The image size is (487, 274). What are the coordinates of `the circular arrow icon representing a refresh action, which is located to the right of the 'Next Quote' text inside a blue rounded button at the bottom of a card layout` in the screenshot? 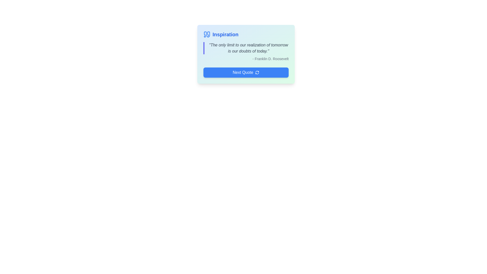 It's located at (257, 72).